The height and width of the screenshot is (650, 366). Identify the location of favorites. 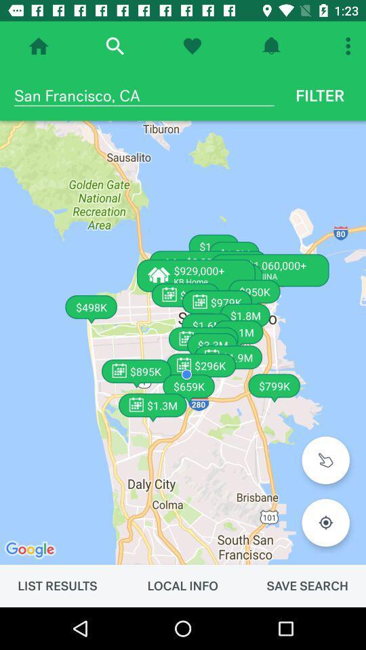
(191, 46).